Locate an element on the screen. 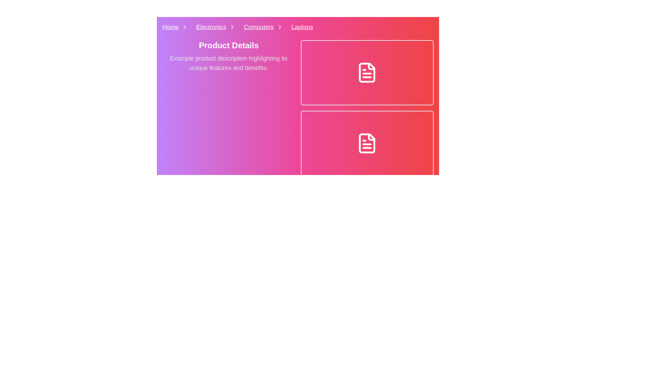 The width and height of the screenshot is (652, 367). the product description text block, which is a light gray colored text element styled in medium-large font, located below the 'Product Details' header is located at coordinates (229, 63).